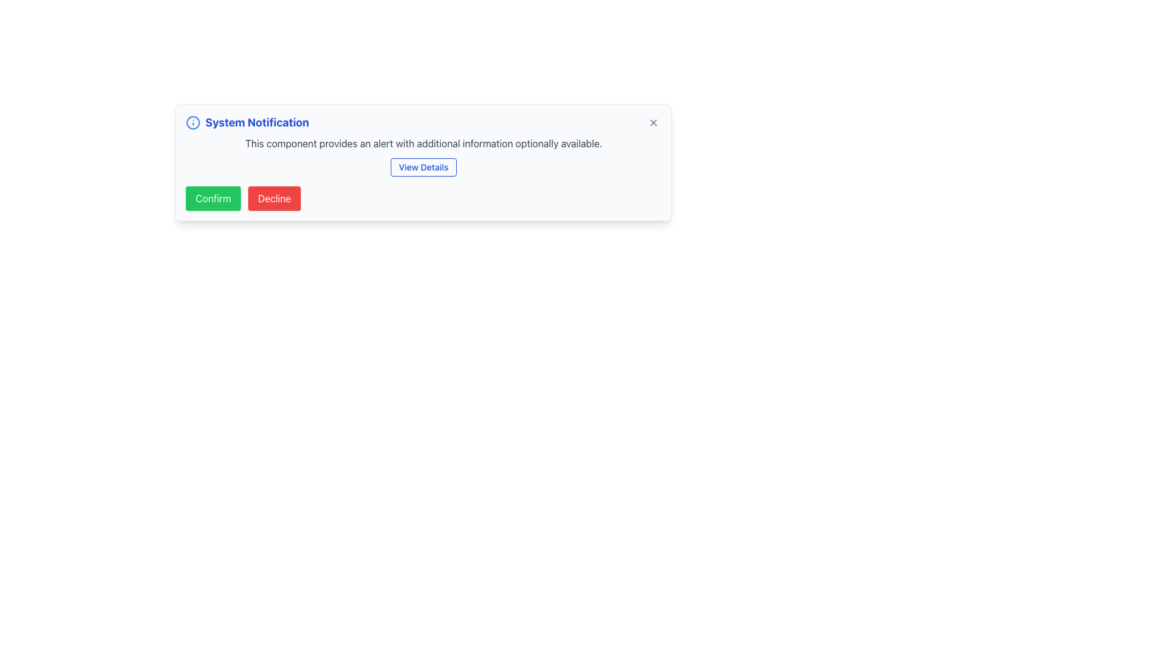 This screenshot has width=1174, height=660. What do you see at coordinates (273, 197) in the screenshot?
I see `the red 'Decline' button with white text` at bounding box center [273, 197].